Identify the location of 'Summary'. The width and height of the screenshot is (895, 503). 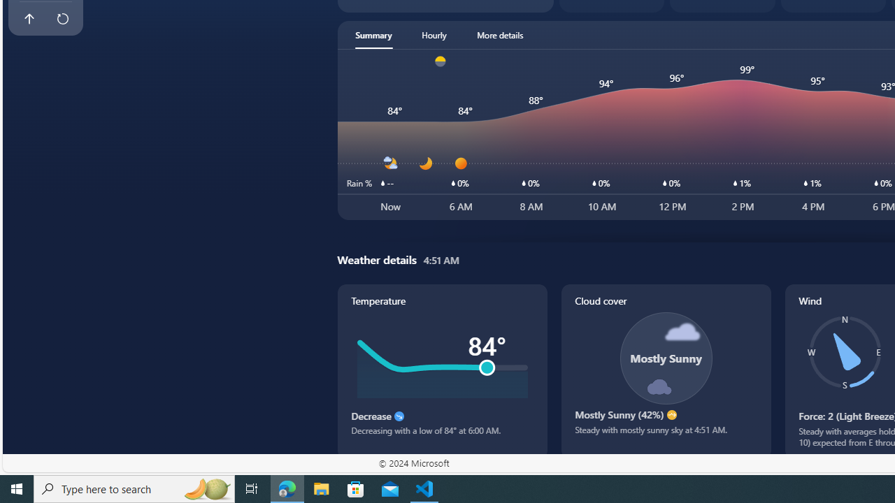
(373, 34).